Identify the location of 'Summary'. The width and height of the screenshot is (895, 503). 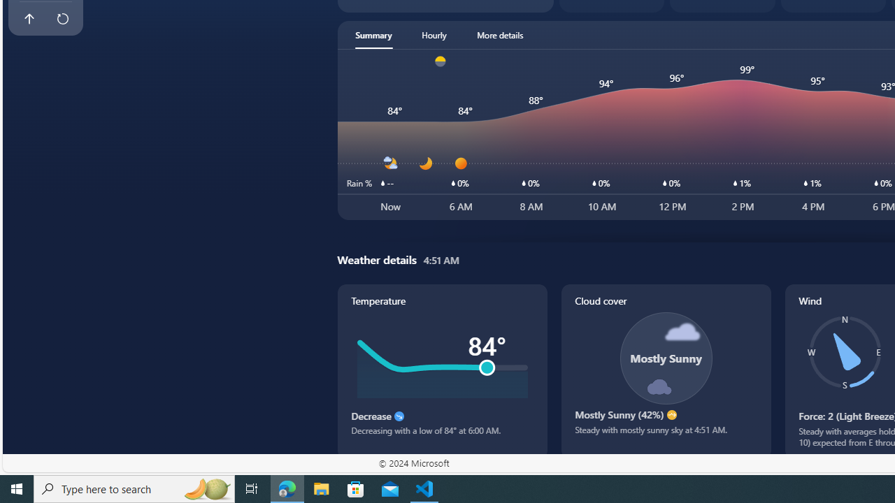
(373, 34).